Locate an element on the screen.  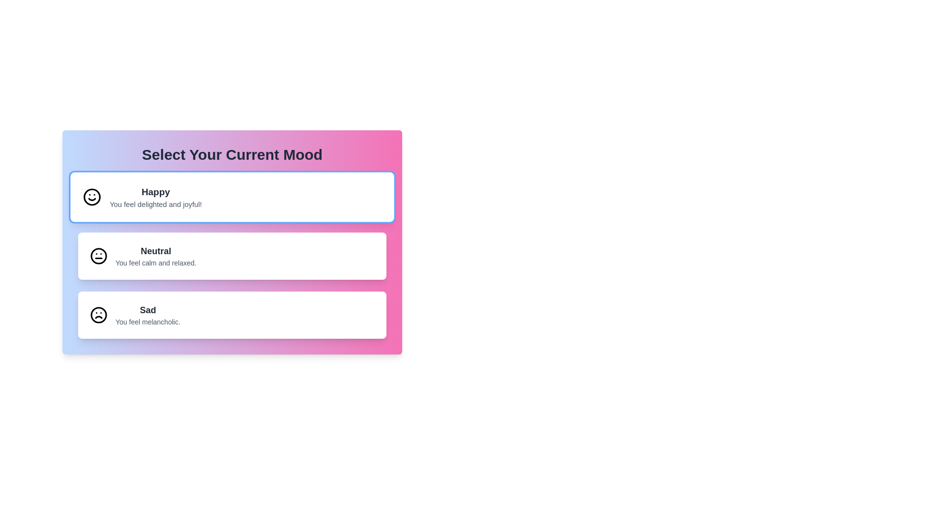
the smiley face icon within the 'Happy' card of the mood selector, which is the first item in the list of options is located at coordinates (92, 197).